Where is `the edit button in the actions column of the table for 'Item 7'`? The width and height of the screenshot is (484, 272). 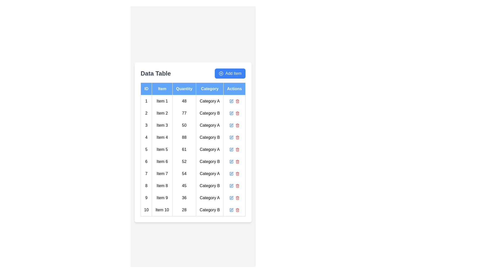 the edit button in the actions column of the table for 'Item 7' is located at coordinates (231, 173).